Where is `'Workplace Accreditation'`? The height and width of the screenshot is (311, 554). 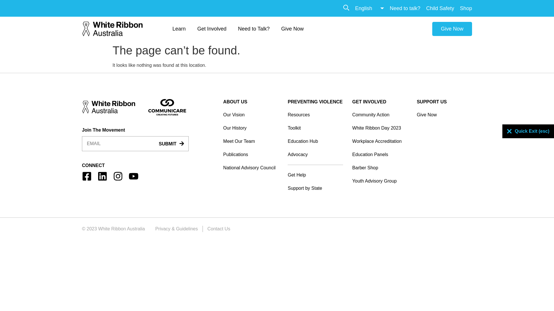
'Workplace Accreditation' is located at coordinates (352, 141).